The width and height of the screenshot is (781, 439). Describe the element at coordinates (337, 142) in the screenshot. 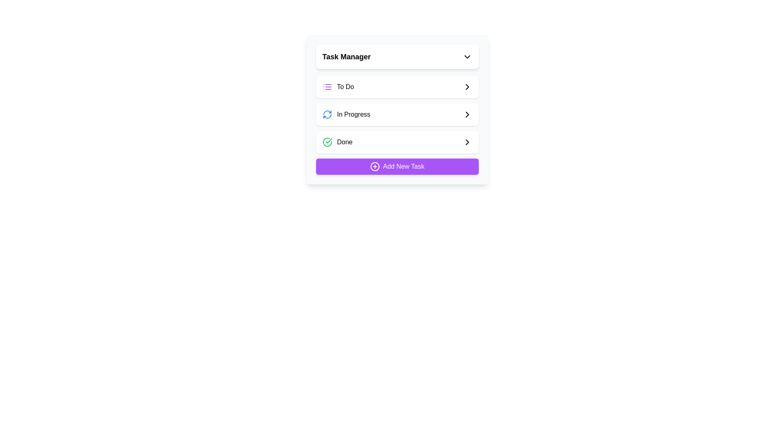

I see `the third selectable list item labeled 'Done' in the task categories under the 'Task Manager' header` at that location.